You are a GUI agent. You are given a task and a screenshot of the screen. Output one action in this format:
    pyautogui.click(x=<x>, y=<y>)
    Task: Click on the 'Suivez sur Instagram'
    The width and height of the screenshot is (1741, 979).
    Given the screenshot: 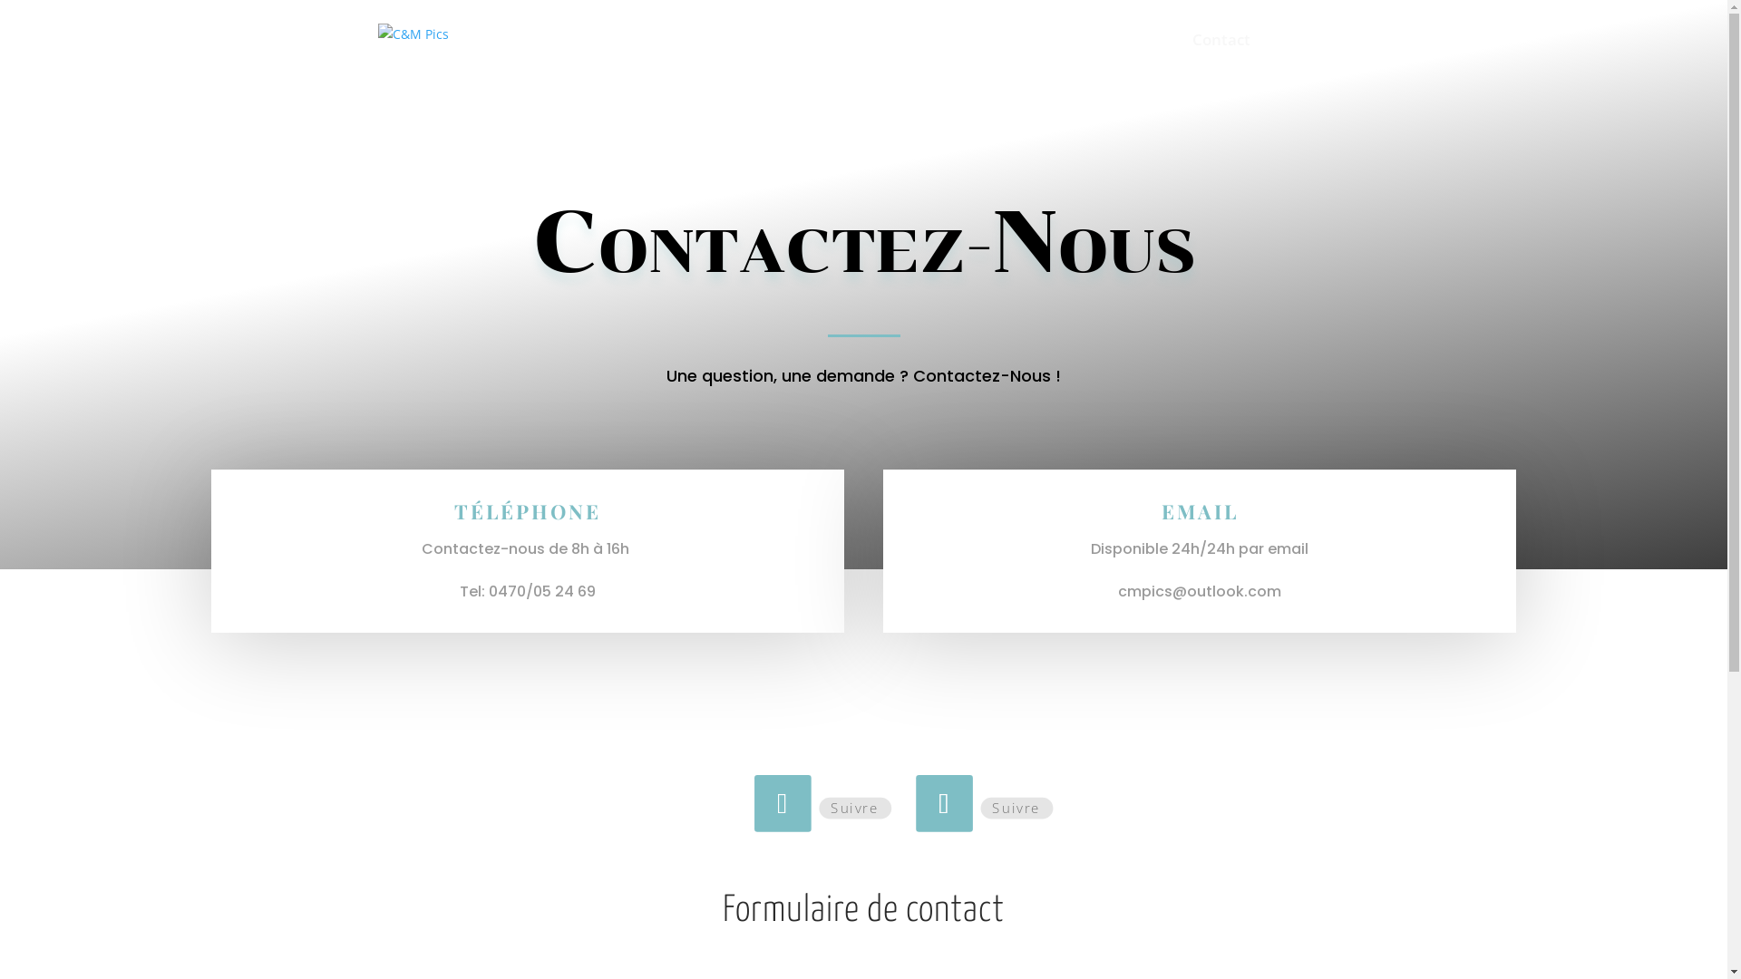 What is the action you would take?
    pyautogui.click(x=940, y=800)
    